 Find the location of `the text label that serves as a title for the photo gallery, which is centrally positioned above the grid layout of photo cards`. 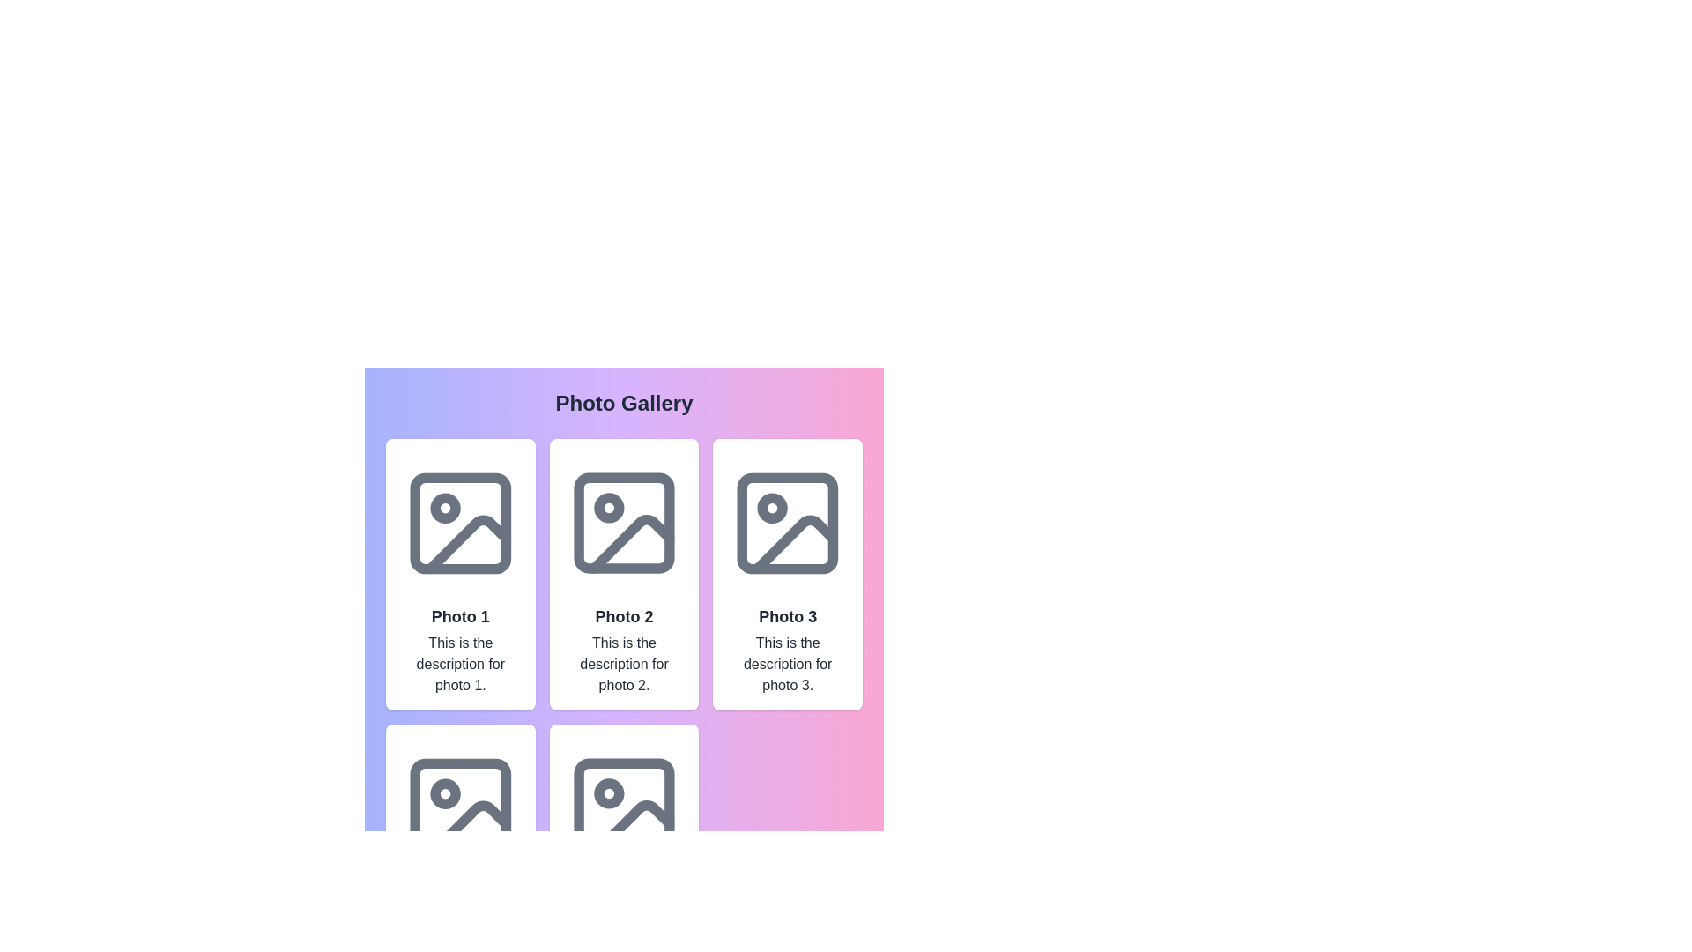

the text label that serves as a title for the photo gallery, which is centrally positioned above the grid layout of photo cards is located at coordinates (624, 404).